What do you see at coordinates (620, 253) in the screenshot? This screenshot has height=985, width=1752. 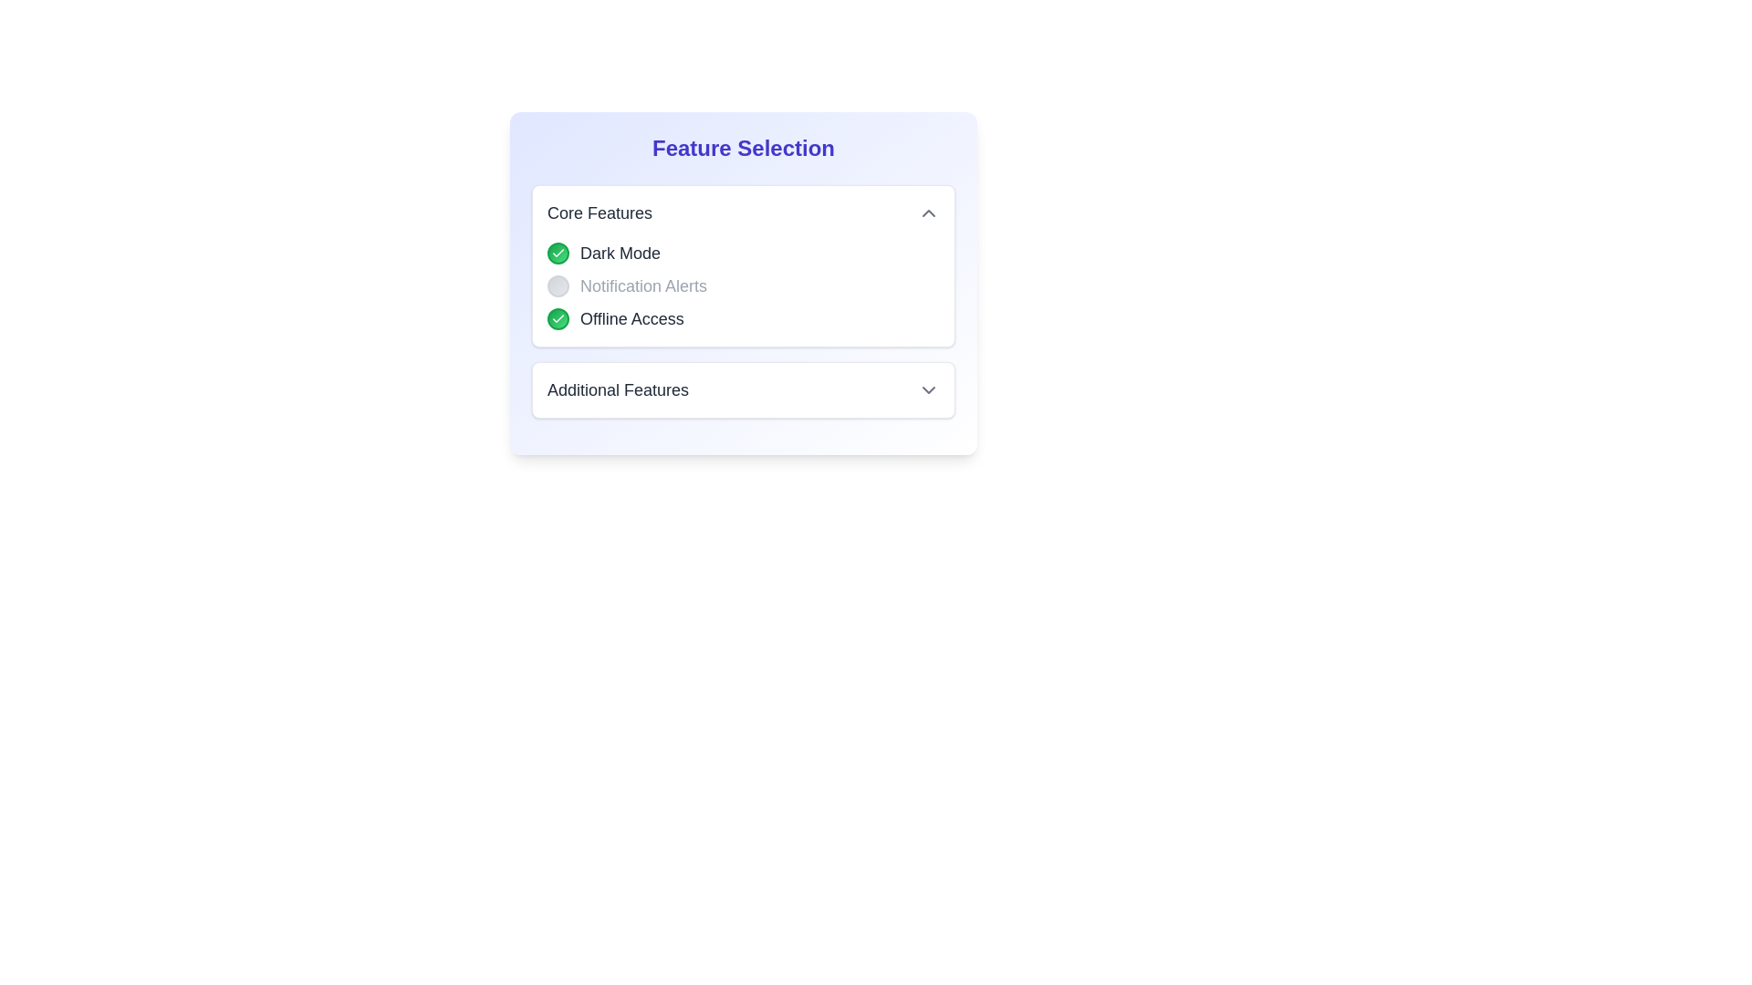 I see `the 'Dark Mode' text label located to the right of the green check mark icon in the 'Core Features' list under 'Feature Selection'` at bounding box center [620, 253].